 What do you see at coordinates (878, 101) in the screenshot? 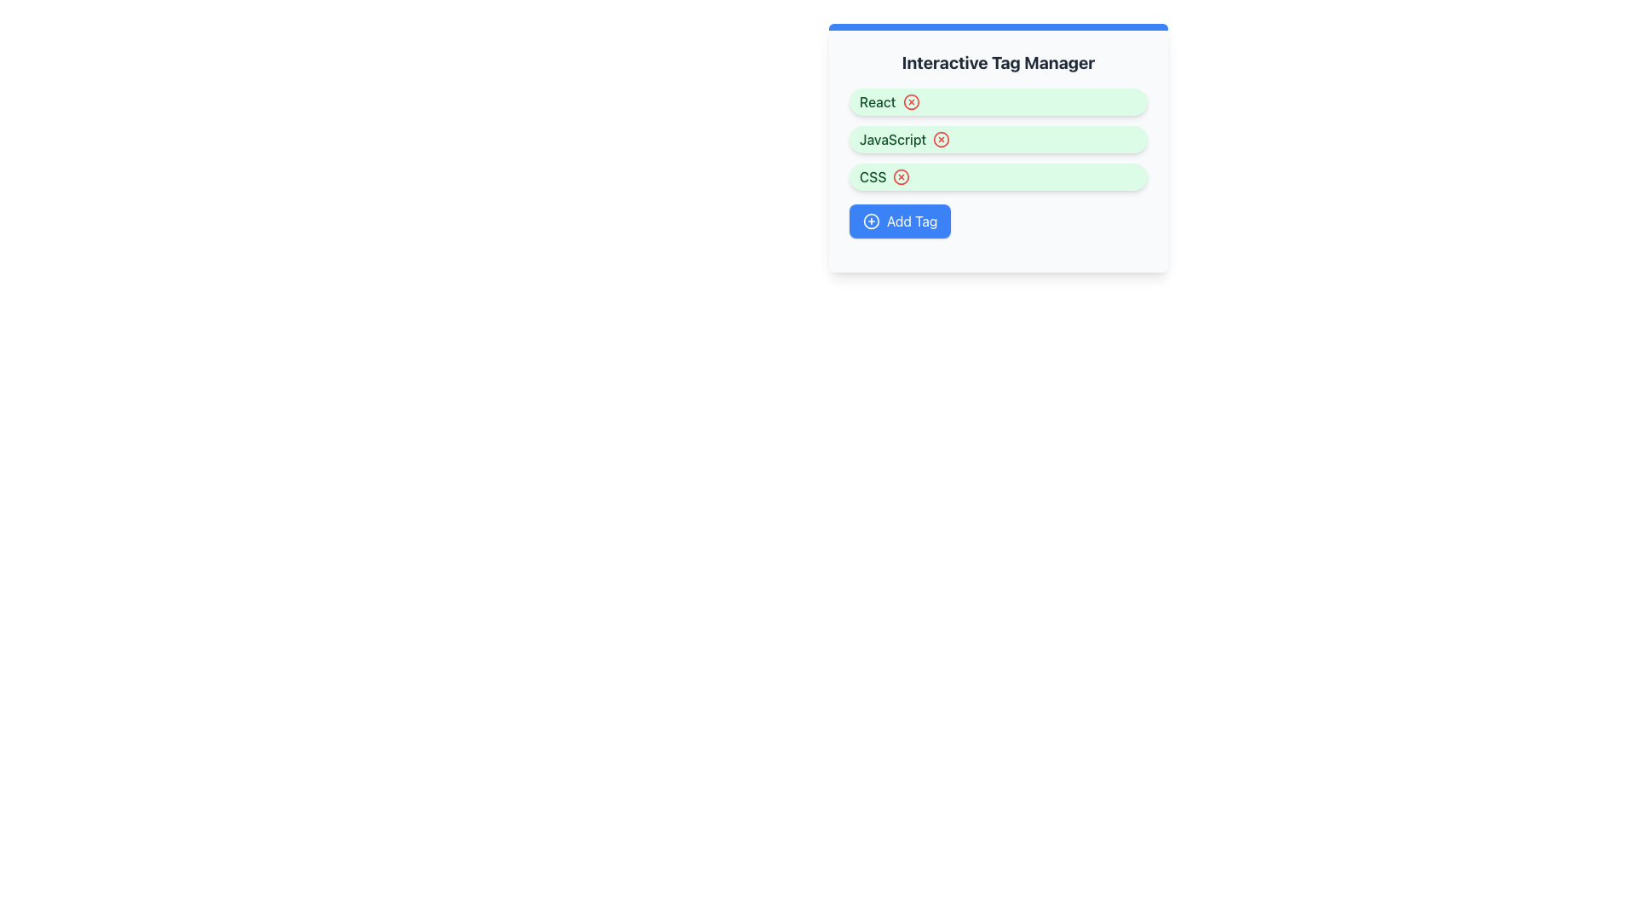
I see `text label 'React' located in the topmost tag within the 'Interactive Tag Manager' section, which has a green font on a light green background` at bounding box center [878, 101].